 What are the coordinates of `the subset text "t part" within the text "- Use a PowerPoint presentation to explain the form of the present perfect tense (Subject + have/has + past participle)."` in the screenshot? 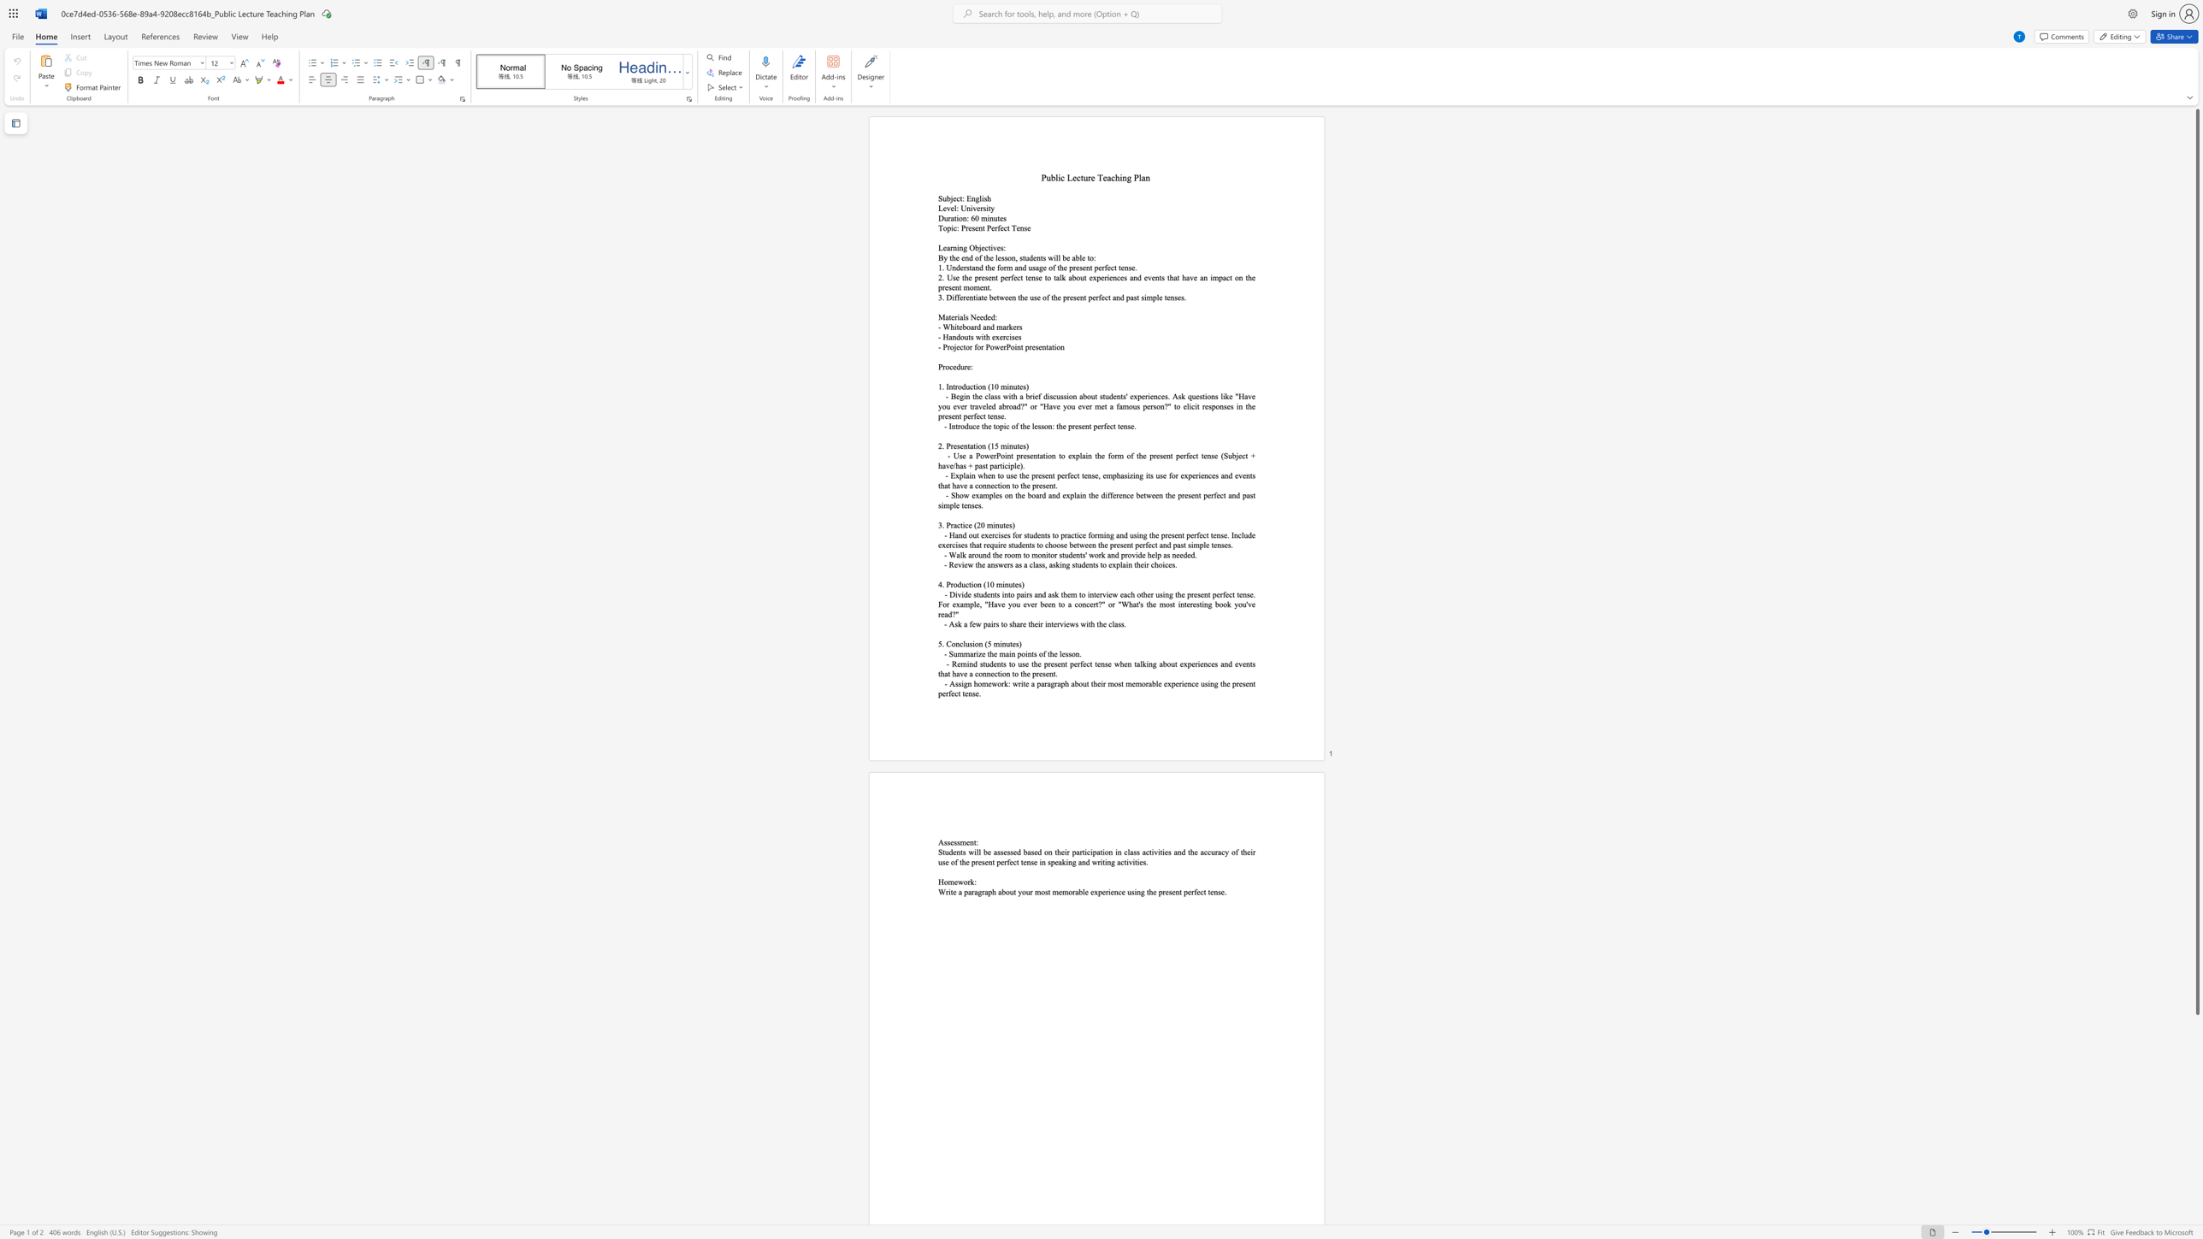 It's located at (985, 464).